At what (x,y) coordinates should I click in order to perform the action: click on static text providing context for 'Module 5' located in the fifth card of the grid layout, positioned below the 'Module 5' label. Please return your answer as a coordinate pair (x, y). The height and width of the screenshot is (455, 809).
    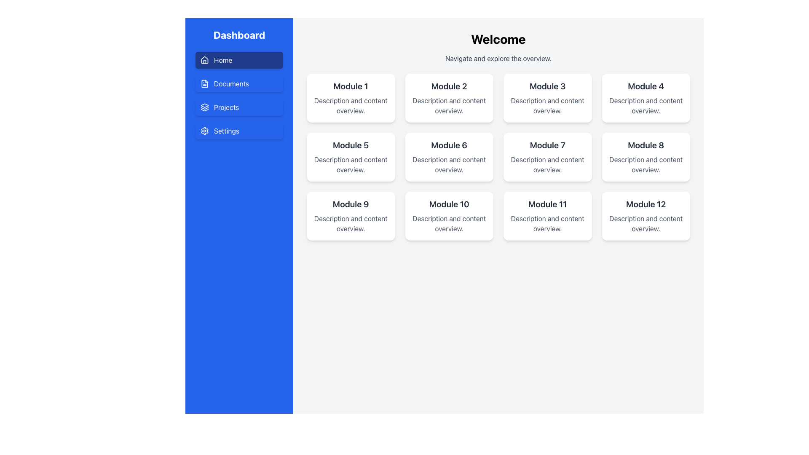
    Looking at the image, I should click on (351, 164).